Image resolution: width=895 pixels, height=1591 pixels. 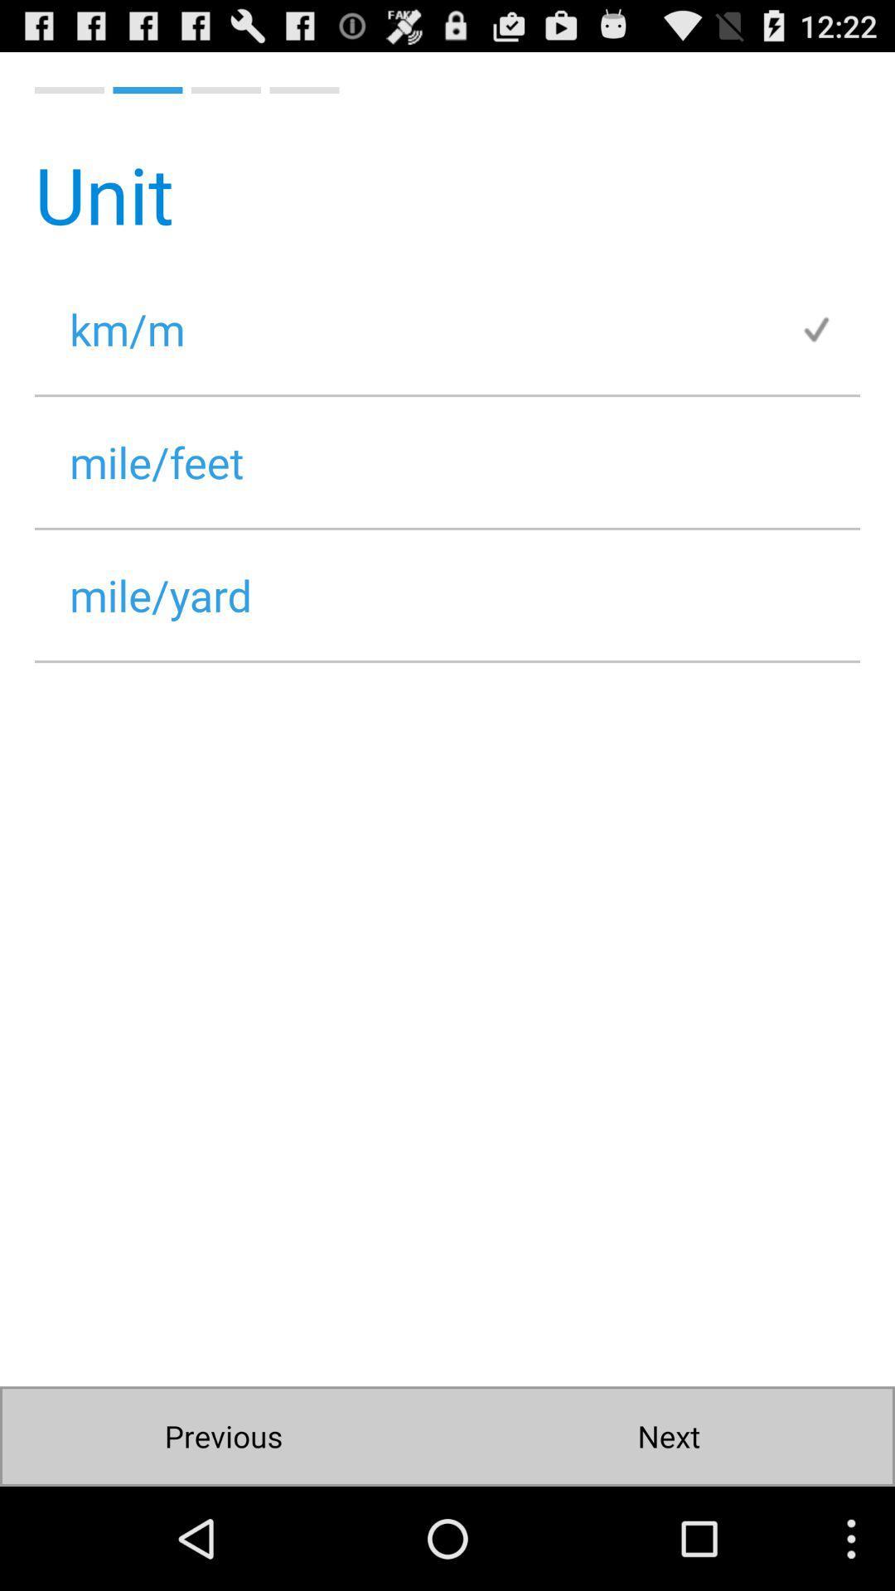 I want to click on the icon below the mile/yard, so click(x=667, y=1435).